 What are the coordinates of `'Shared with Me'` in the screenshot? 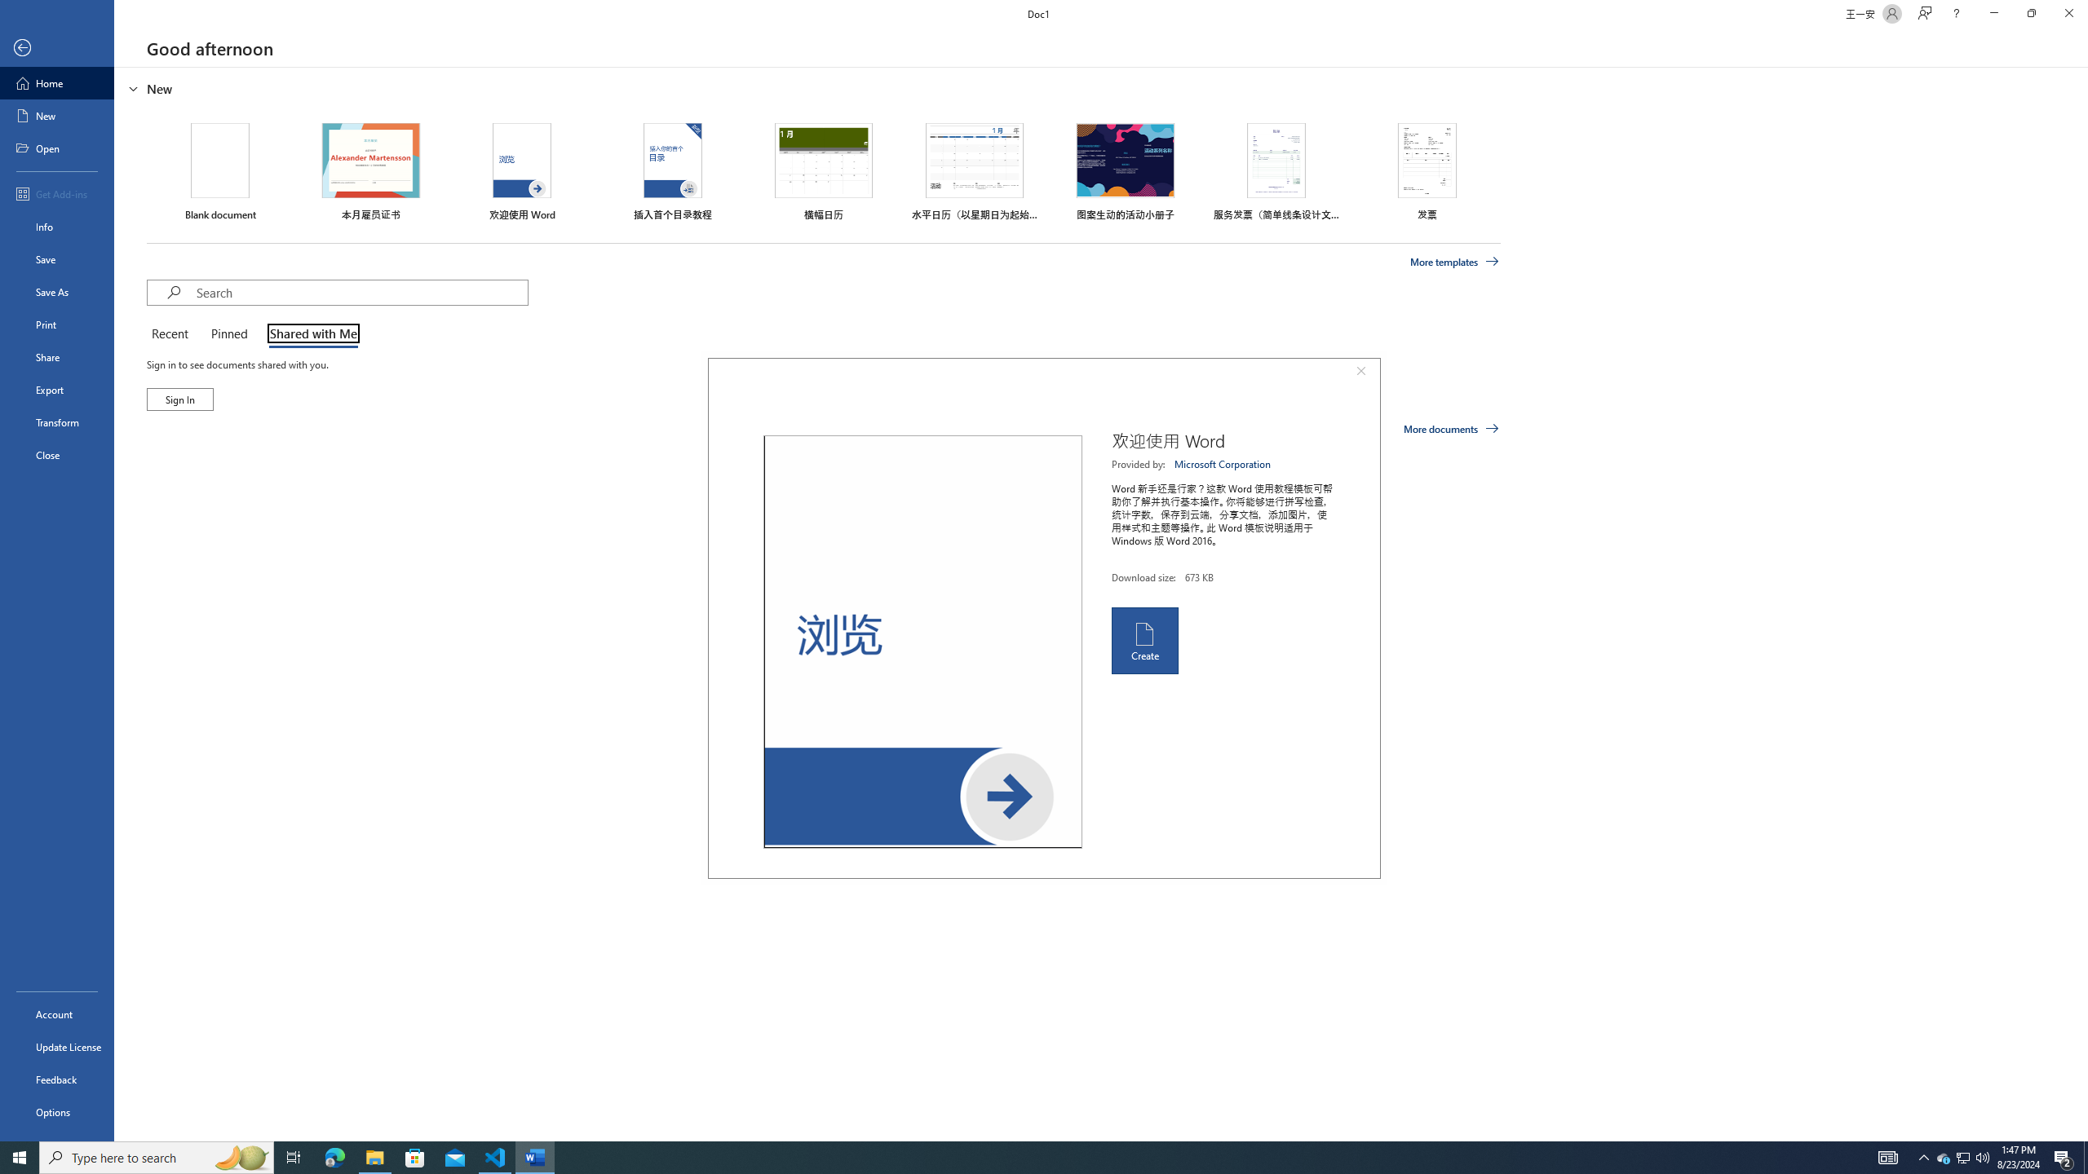 It's located at (309, 334).